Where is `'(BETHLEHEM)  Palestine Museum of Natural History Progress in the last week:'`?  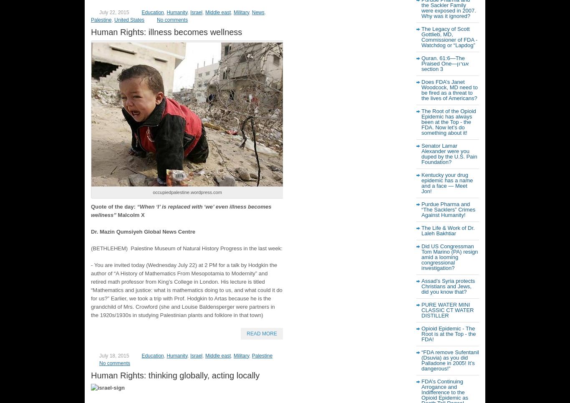
'(BETHLEHEM)  Palestine Museum of Natural History Progress in the last week:' is located at coordinates (186, 248).